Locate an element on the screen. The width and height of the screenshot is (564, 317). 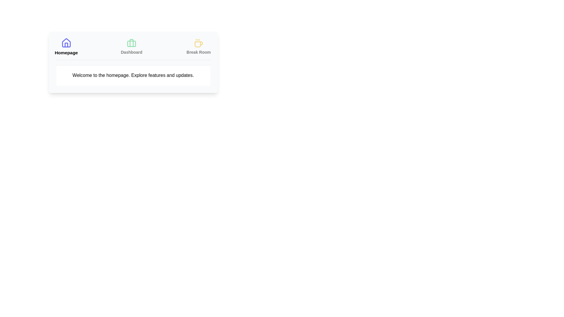
the Break Room tab to view its content is located at coordinates (199, 46).